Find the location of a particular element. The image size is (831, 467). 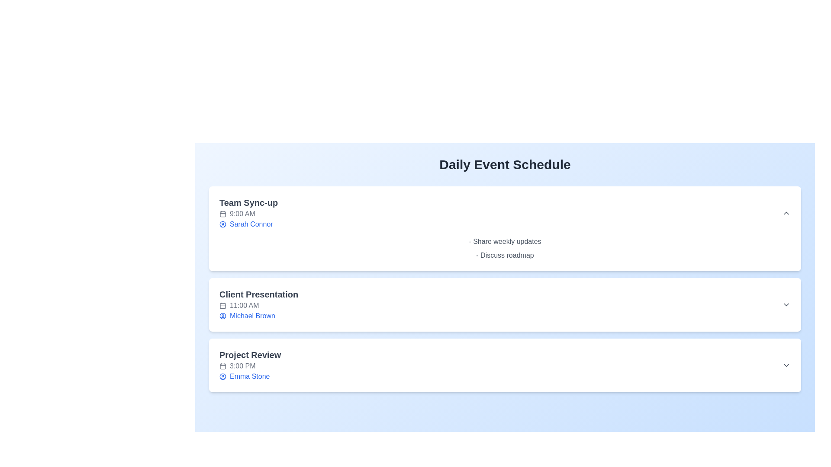

the text label reading 'Client Presentation' located in the middle event card of the 'Daily Event Schedule' page, positioned above the timestamp '11:00 AM' and below the header 'Daily Event Schedule' is located at coordinates (258, 294).